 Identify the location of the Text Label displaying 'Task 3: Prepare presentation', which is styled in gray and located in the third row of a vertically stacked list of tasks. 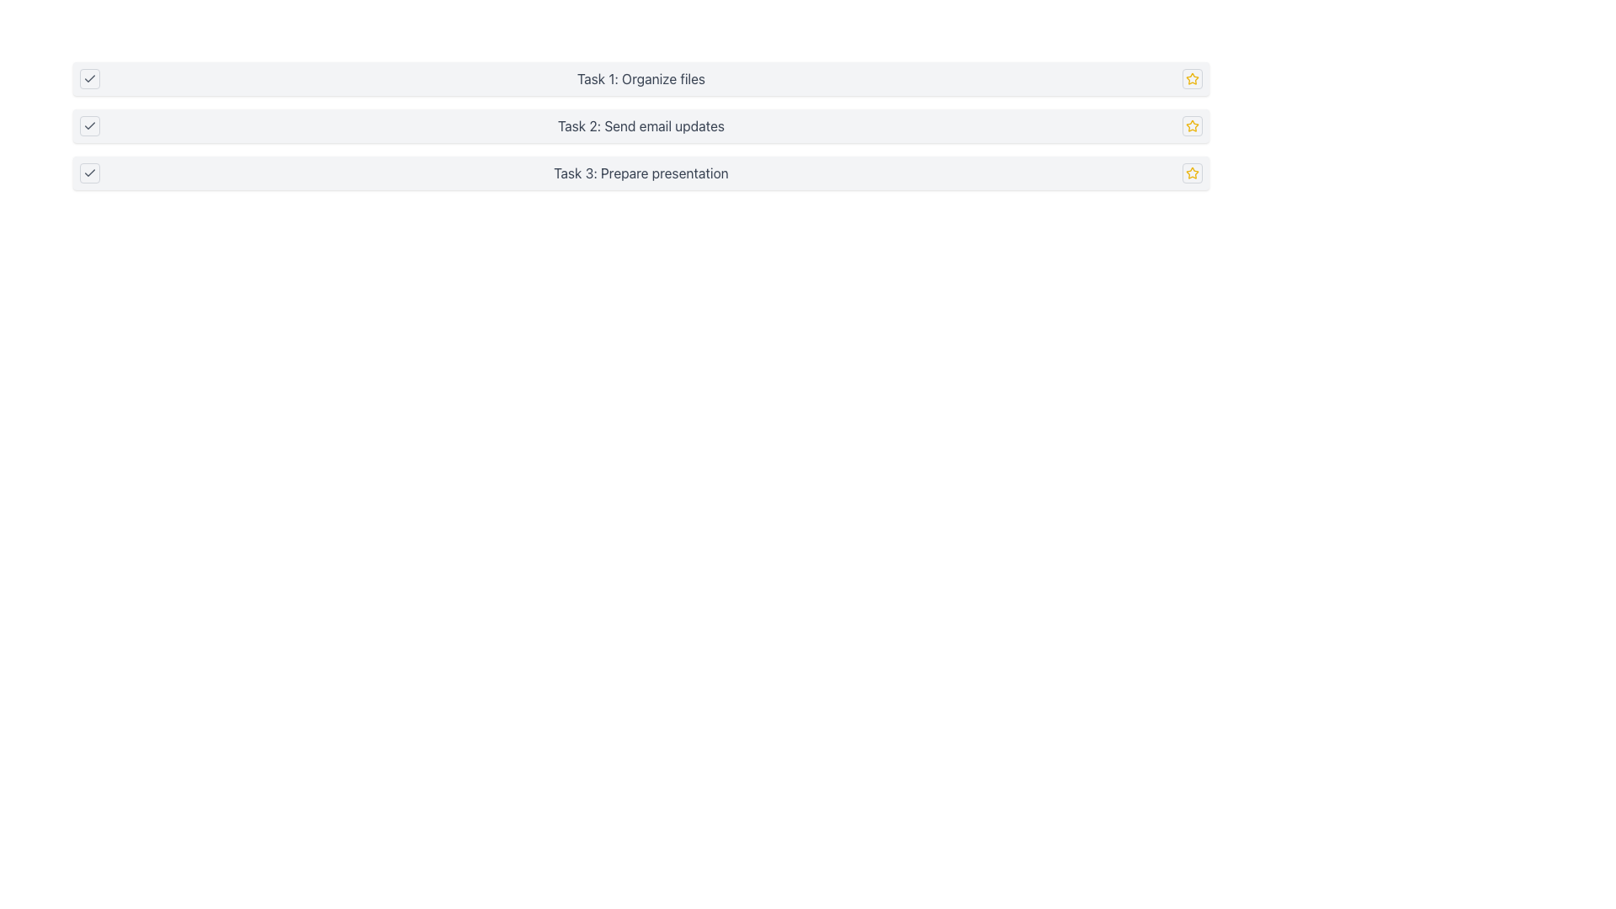
(641, 173).